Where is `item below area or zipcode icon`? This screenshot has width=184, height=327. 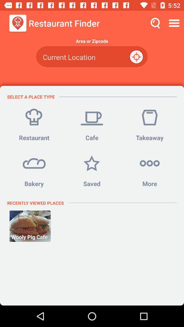
item below area or zipcode icon is located at coordinates (92, 57).